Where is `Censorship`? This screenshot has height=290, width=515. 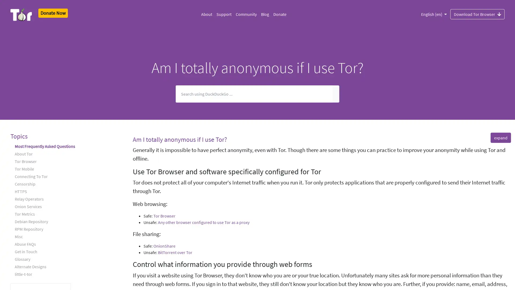 Censorship is located at coordinates (66, 183).